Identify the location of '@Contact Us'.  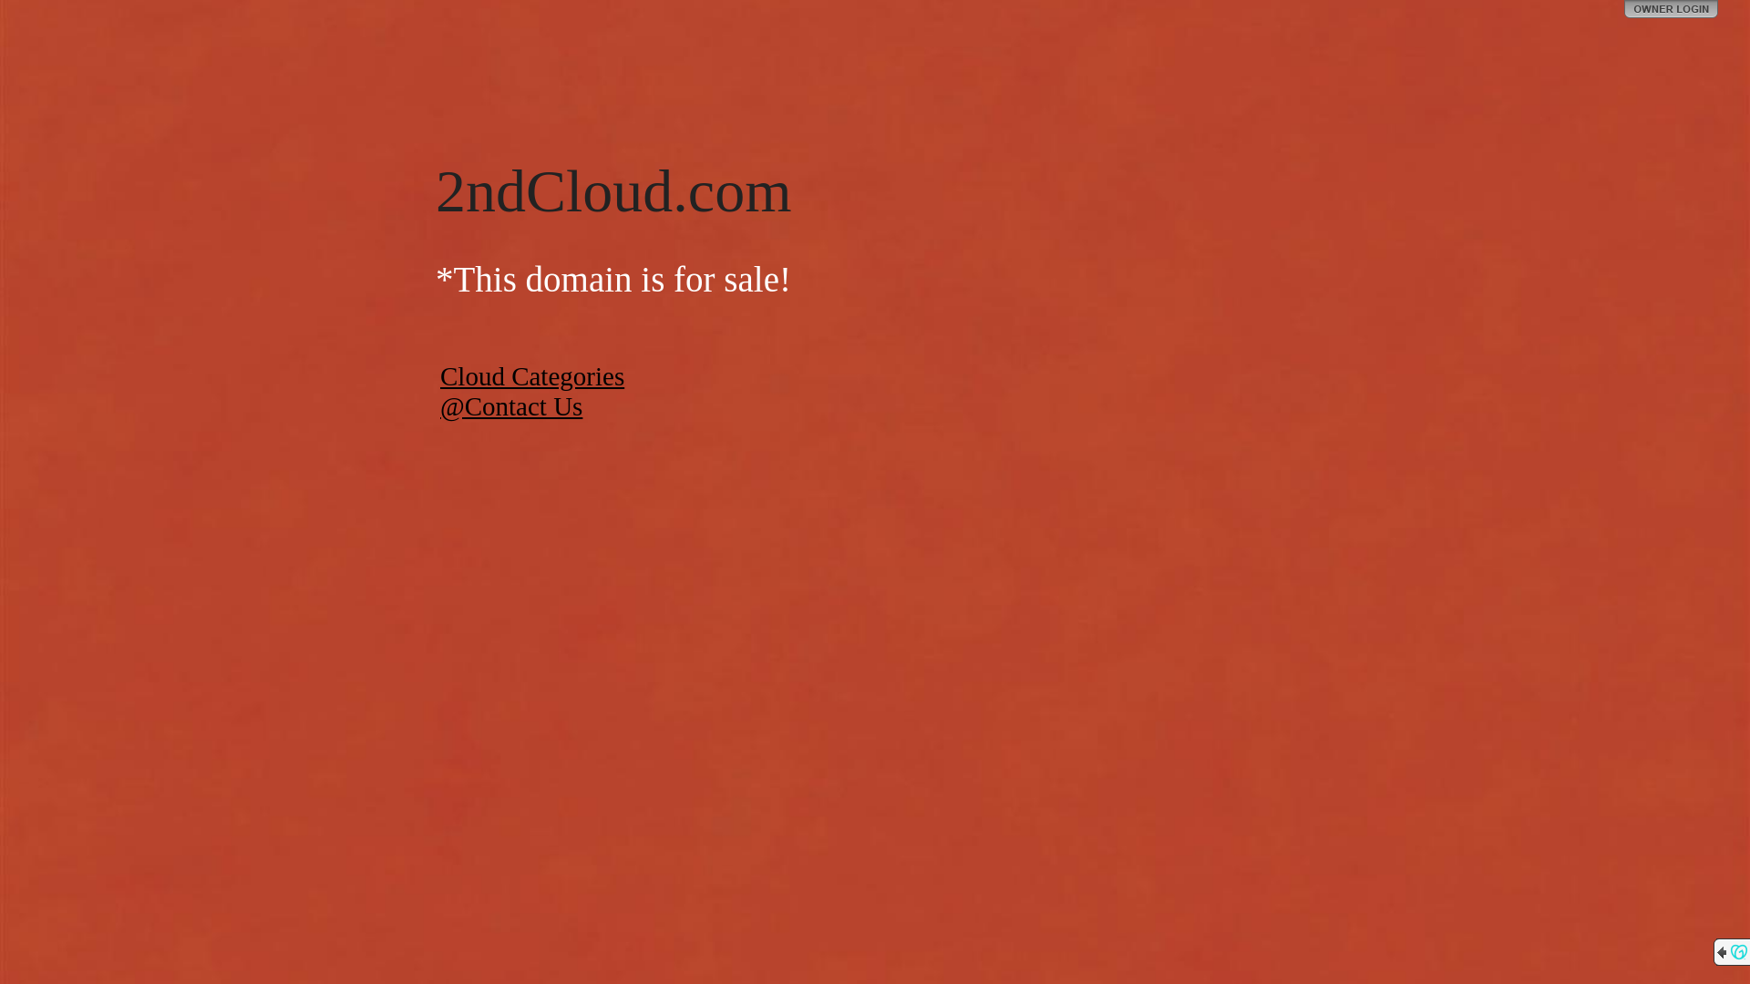
(510, 405).